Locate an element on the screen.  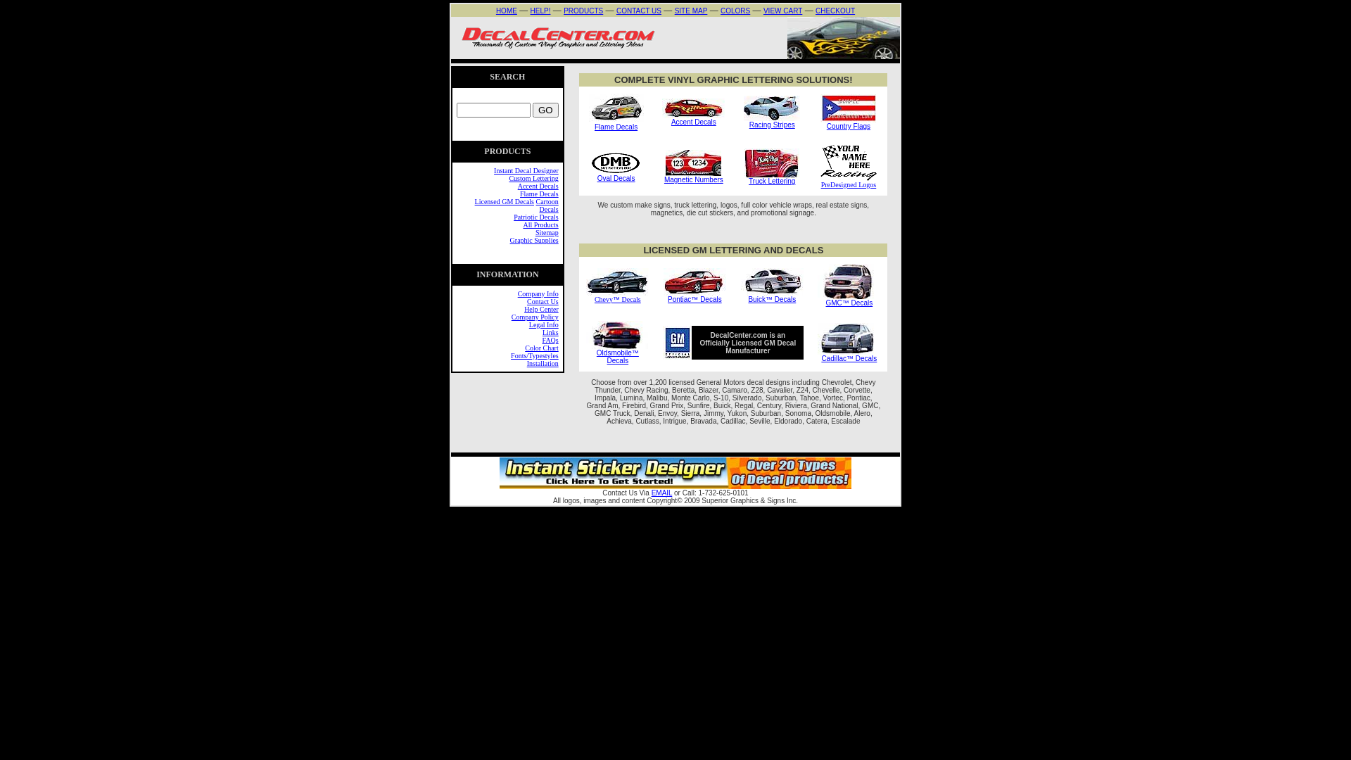
'Licensed GM Decals' is located at coordinates (504, 201).